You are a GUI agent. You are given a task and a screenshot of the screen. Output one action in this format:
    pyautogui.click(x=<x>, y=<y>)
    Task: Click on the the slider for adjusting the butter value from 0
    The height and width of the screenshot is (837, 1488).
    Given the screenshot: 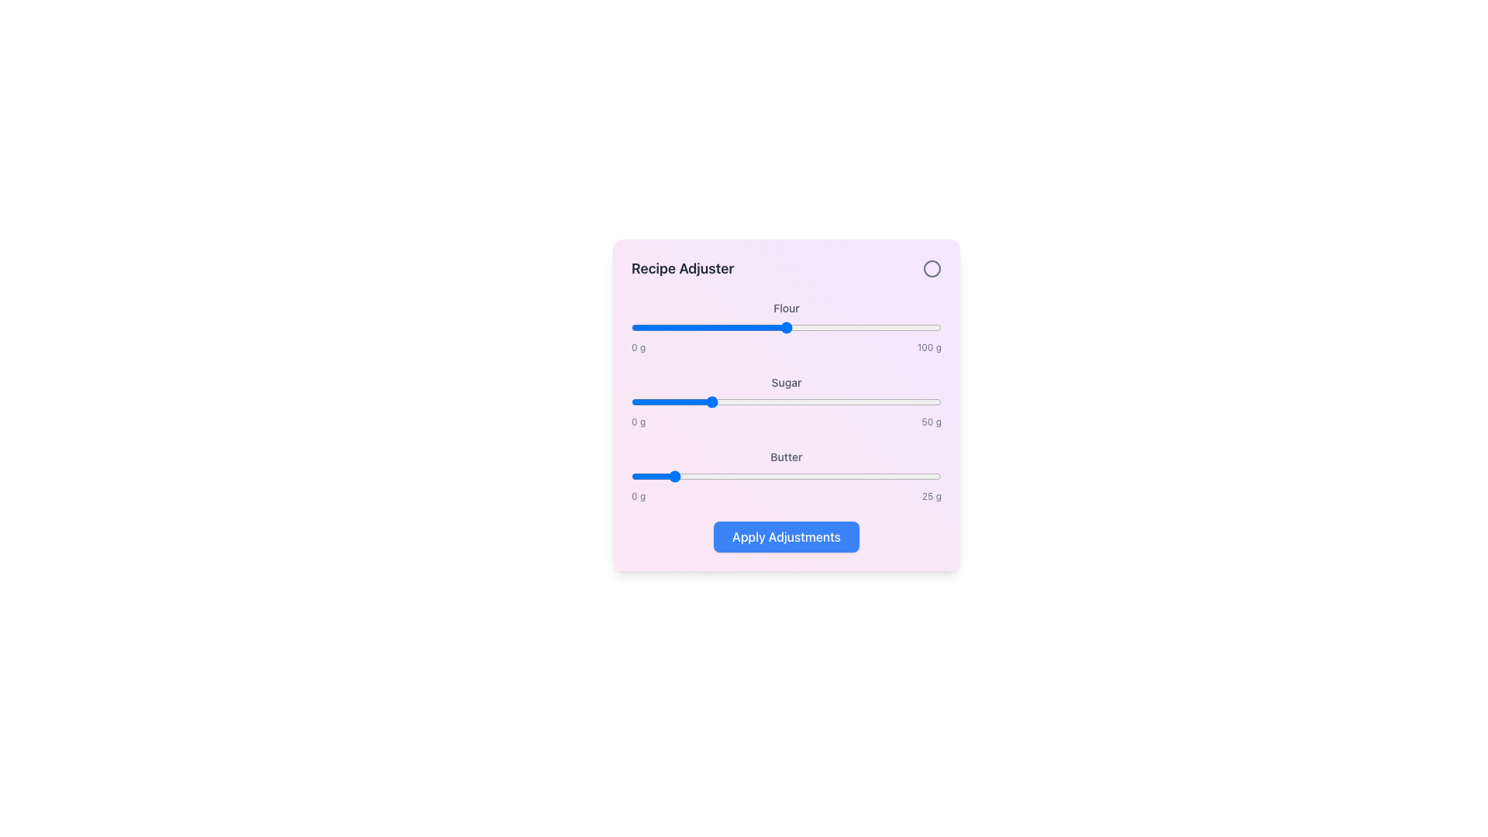 What is the action you would take?
    pyautogui.click(x=786, y=475)
    